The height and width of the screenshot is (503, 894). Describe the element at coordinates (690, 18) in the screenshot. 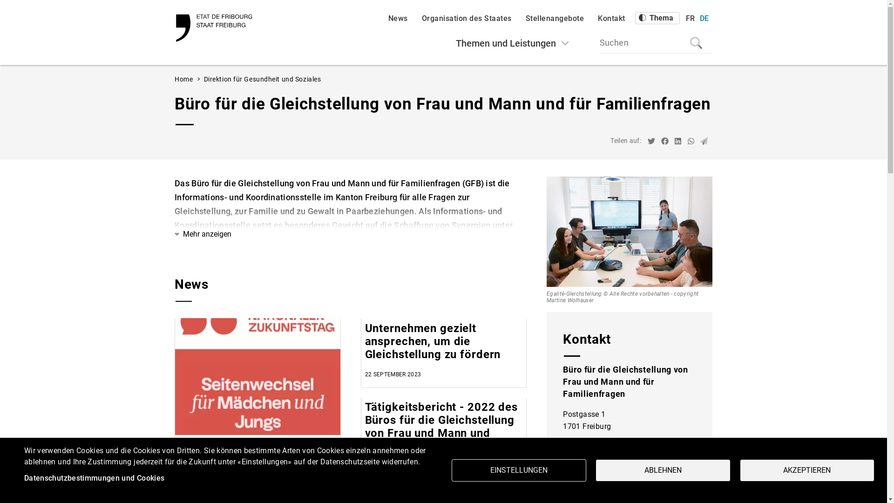

I see `'FR'` at that location.